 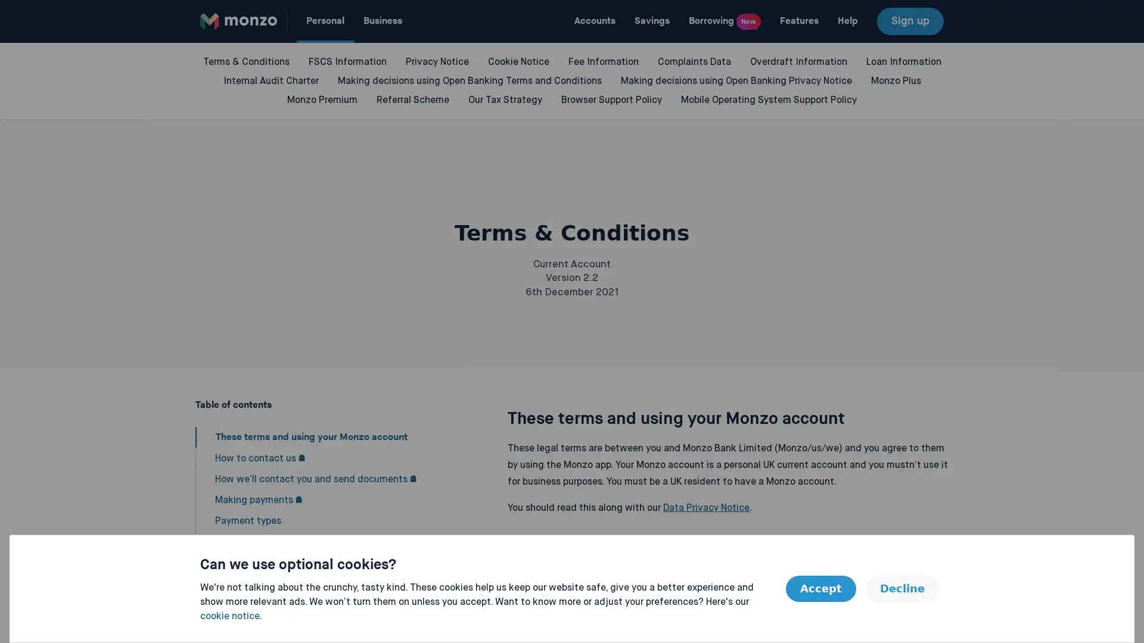 What do you see at coordinates (902, 588) in the screenshot?
I see `Decline` at bounding box center [902, 588].